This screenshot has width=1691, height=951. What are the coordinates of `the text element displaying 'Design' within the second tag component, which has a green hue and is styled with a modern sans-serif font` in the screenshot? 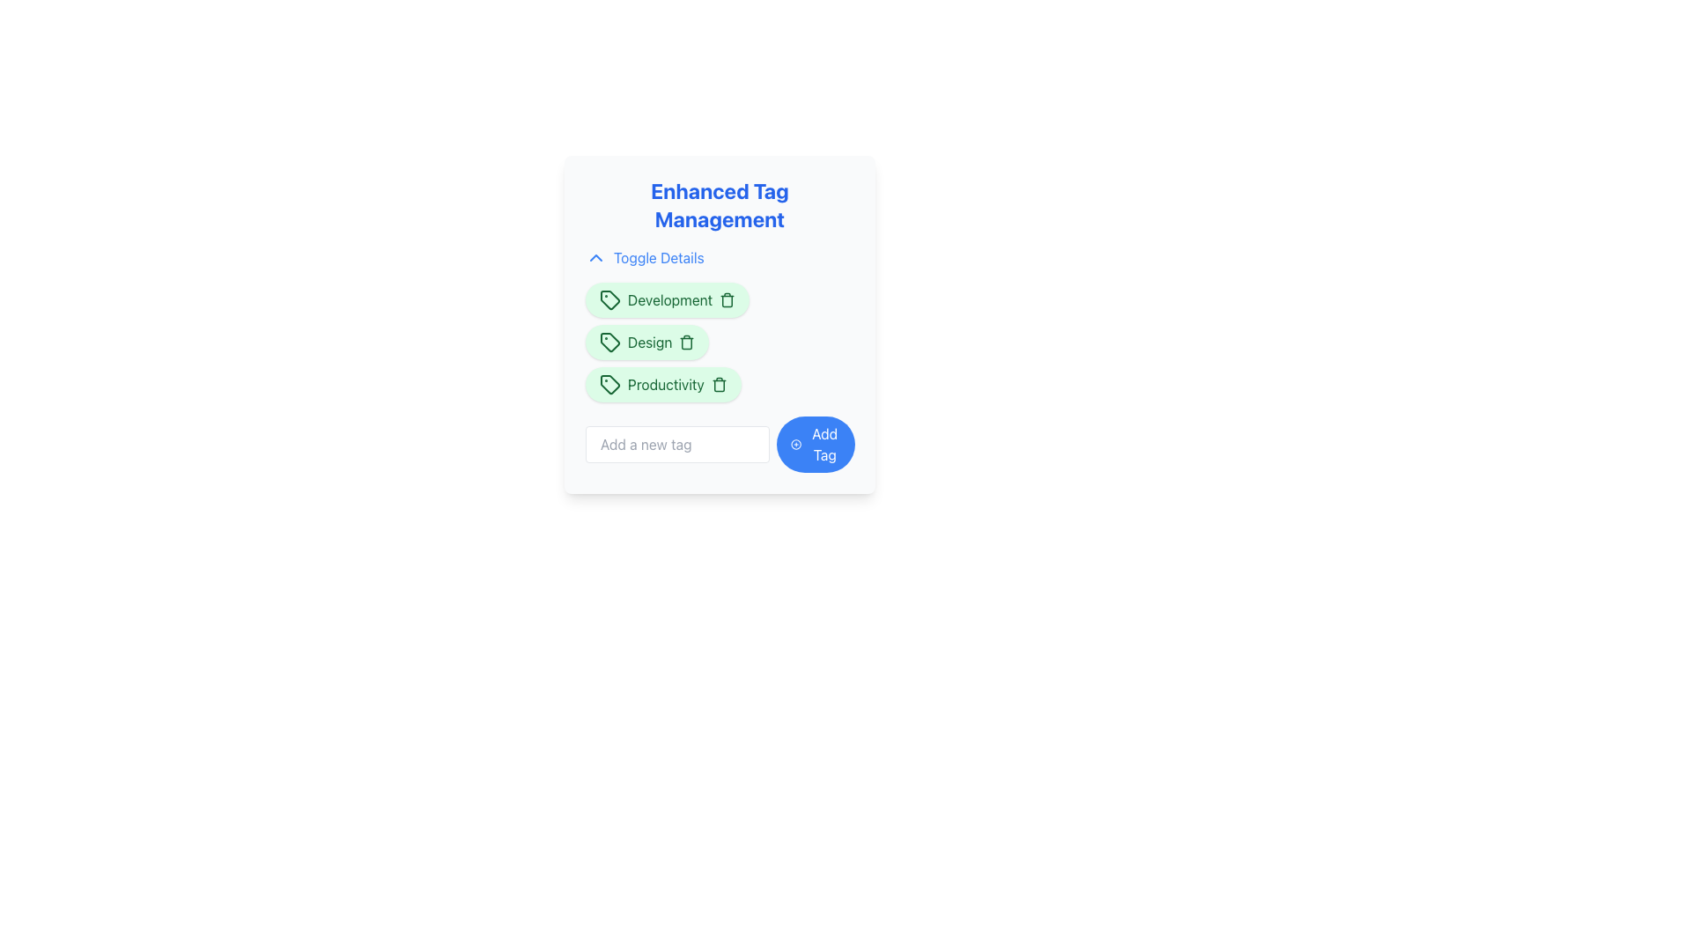 It's located at (649, 343).